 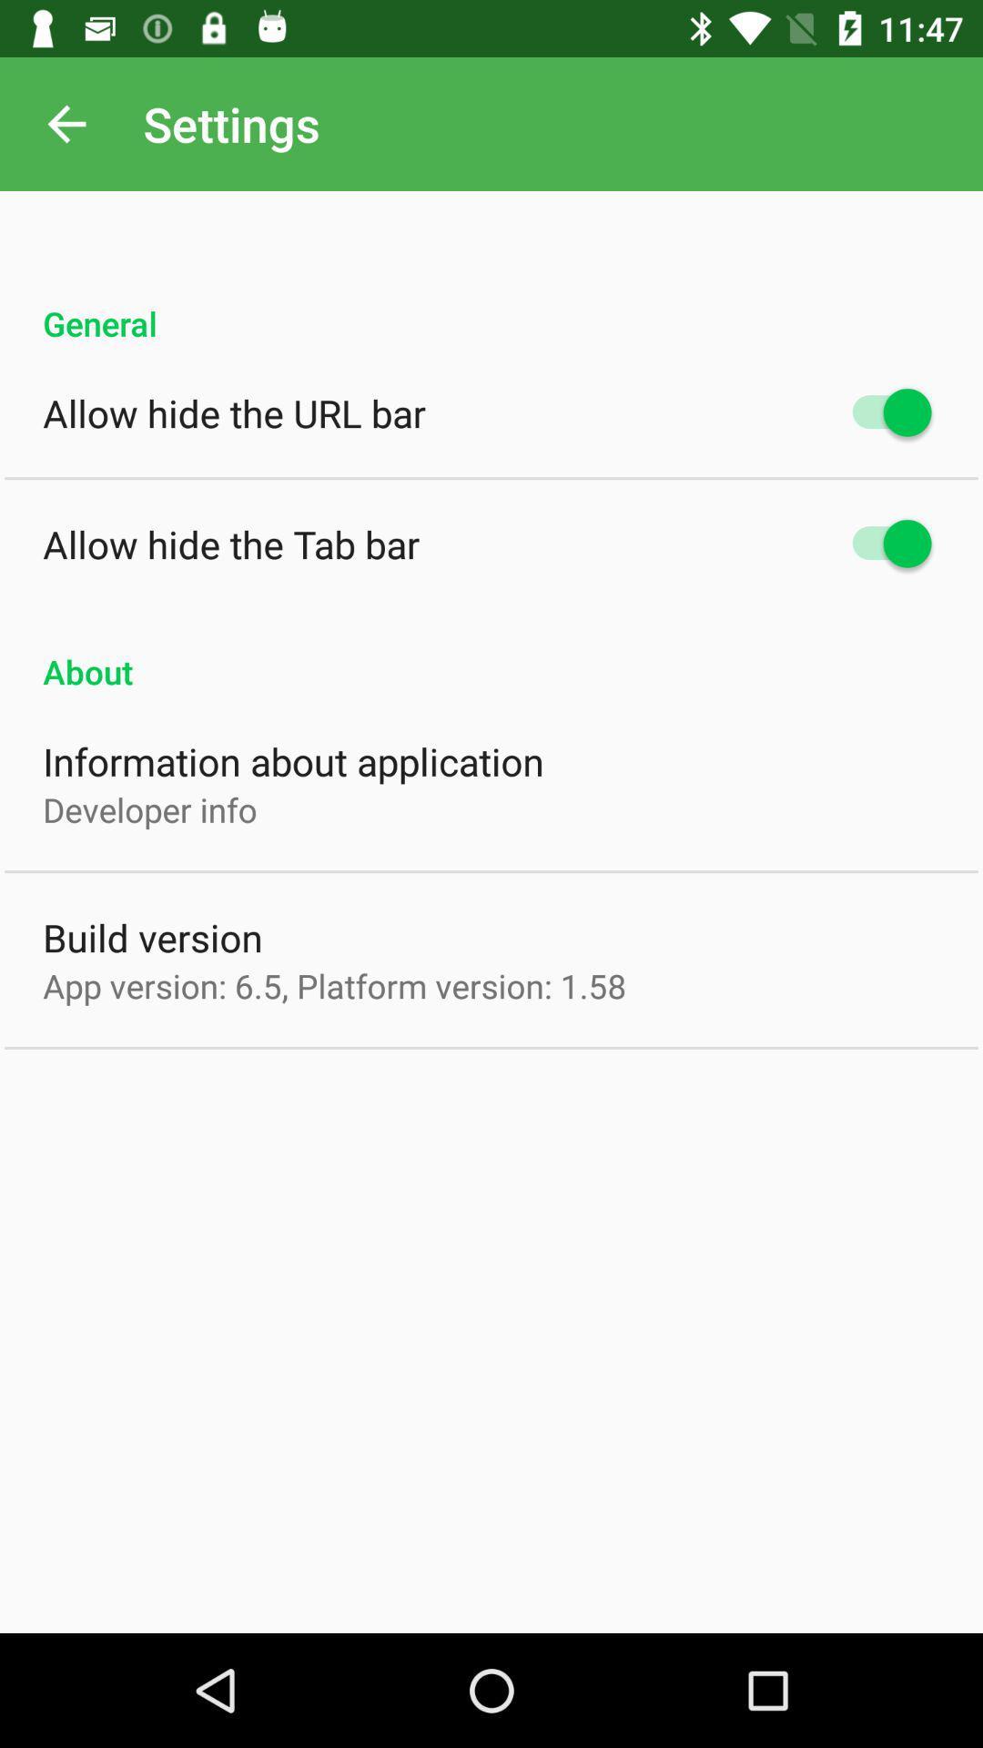 I want to click on the app version 6 icon, so click(x=334, y=985).